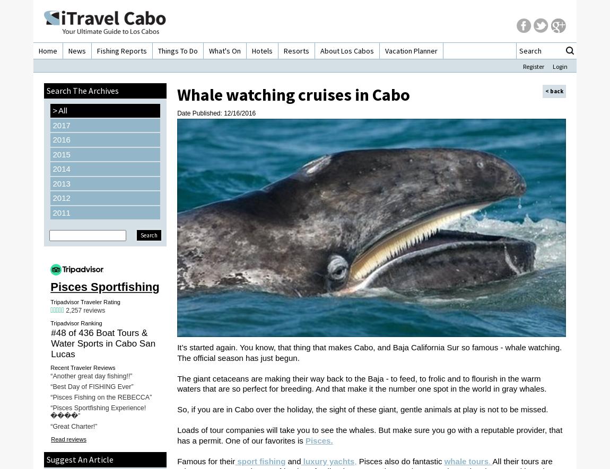 The width and height of the screenshot is (610, 469). Describe the element at coordinates (262, 51) in the screenshot. I see `'Hotels'` at that location.